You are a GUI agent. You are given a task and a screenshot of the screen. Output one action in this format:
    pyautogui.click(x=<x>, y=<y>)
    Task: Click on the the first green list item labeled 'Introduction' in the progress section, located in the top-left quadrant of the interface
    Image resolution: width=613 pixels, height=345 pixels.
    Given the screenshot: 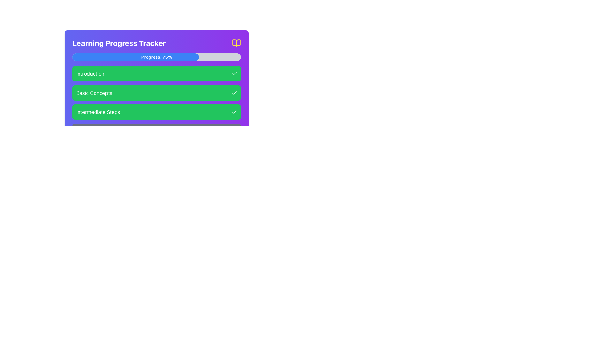 What is the action you would take?
    pyautogui.click(x=156, y=73)
    